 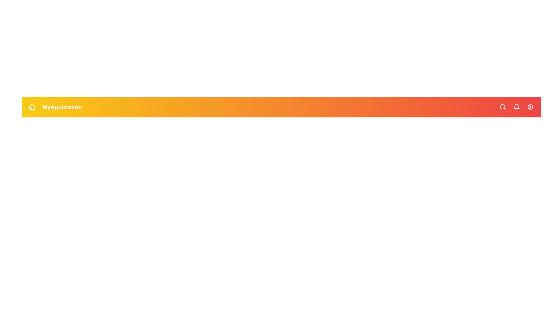 I want to click on the circular lens element of the magnifying glass icon located towards the top-right section of the application interface, so click(x=502, y=106).